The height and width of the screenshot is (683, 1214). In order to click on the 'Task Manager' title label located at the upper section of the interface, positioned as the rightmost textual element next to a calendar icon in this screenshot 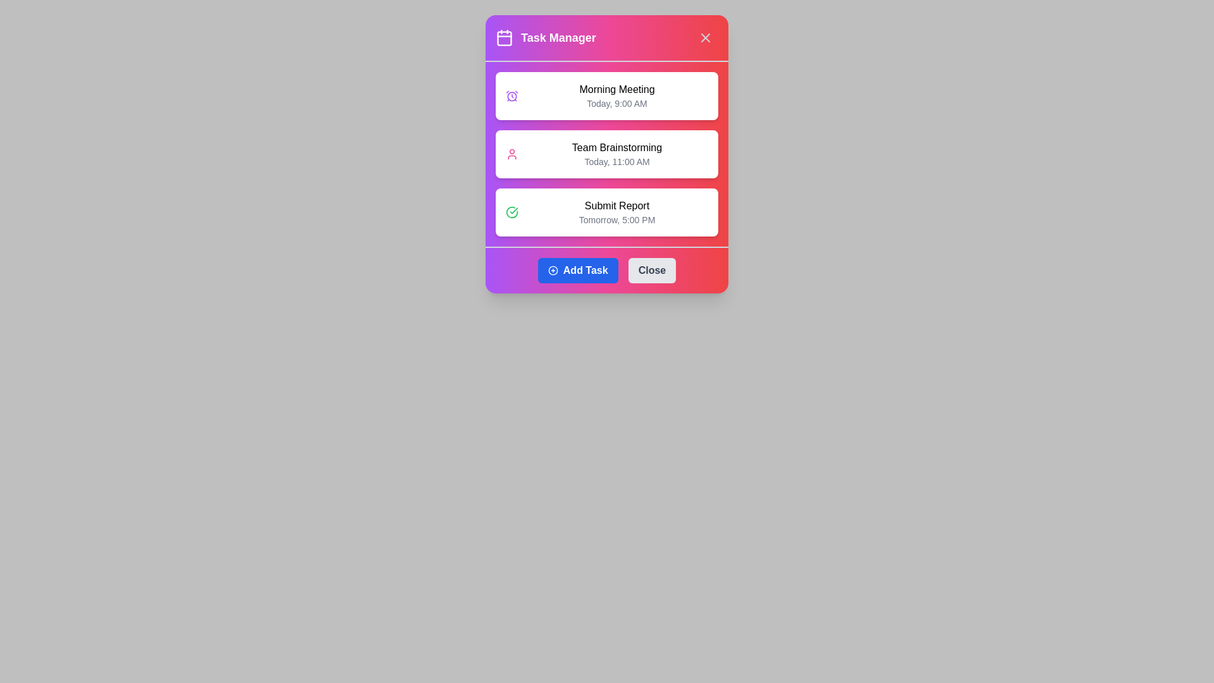, I will do `click(558, 37)`.